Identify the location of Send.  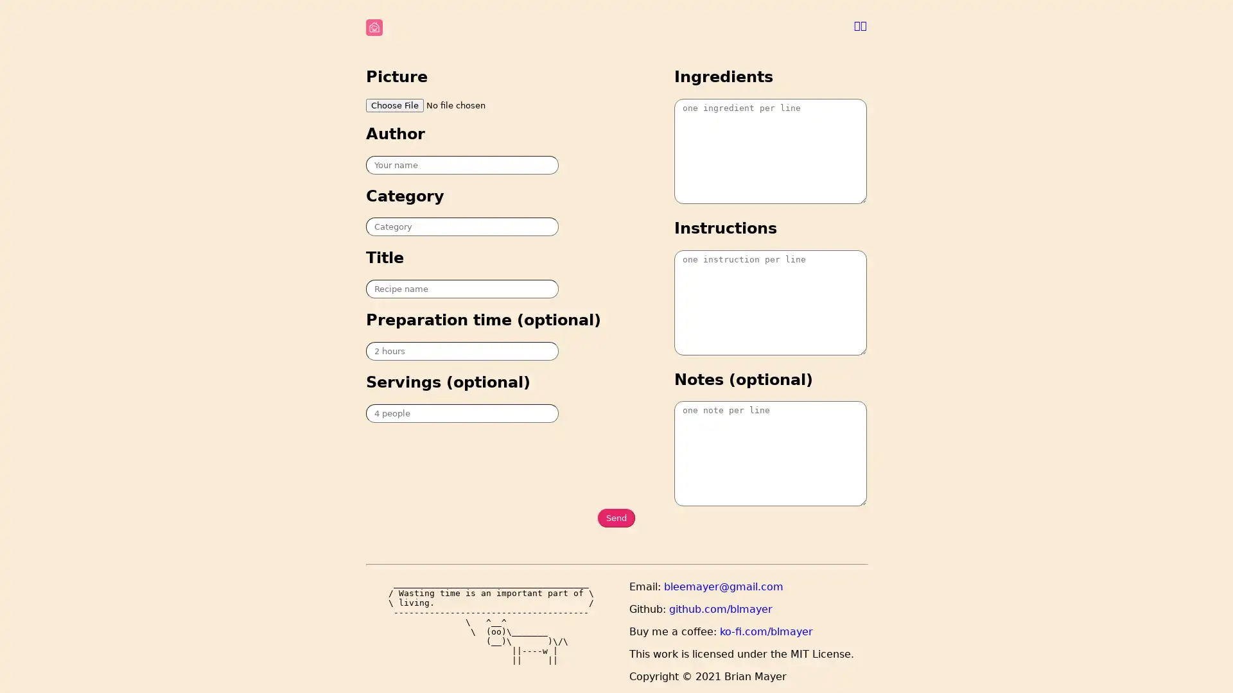
(616, 517).